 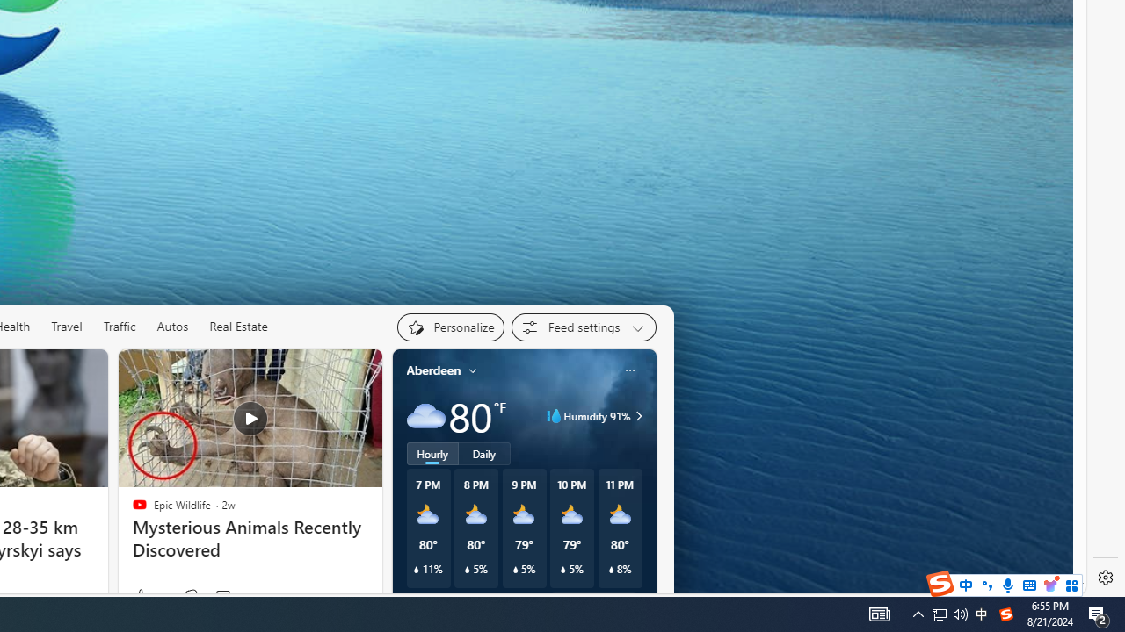 What do you see at coordinates (173, 326) in the screenshot?
I see `'Autos'` at bounding box center [173, 326].